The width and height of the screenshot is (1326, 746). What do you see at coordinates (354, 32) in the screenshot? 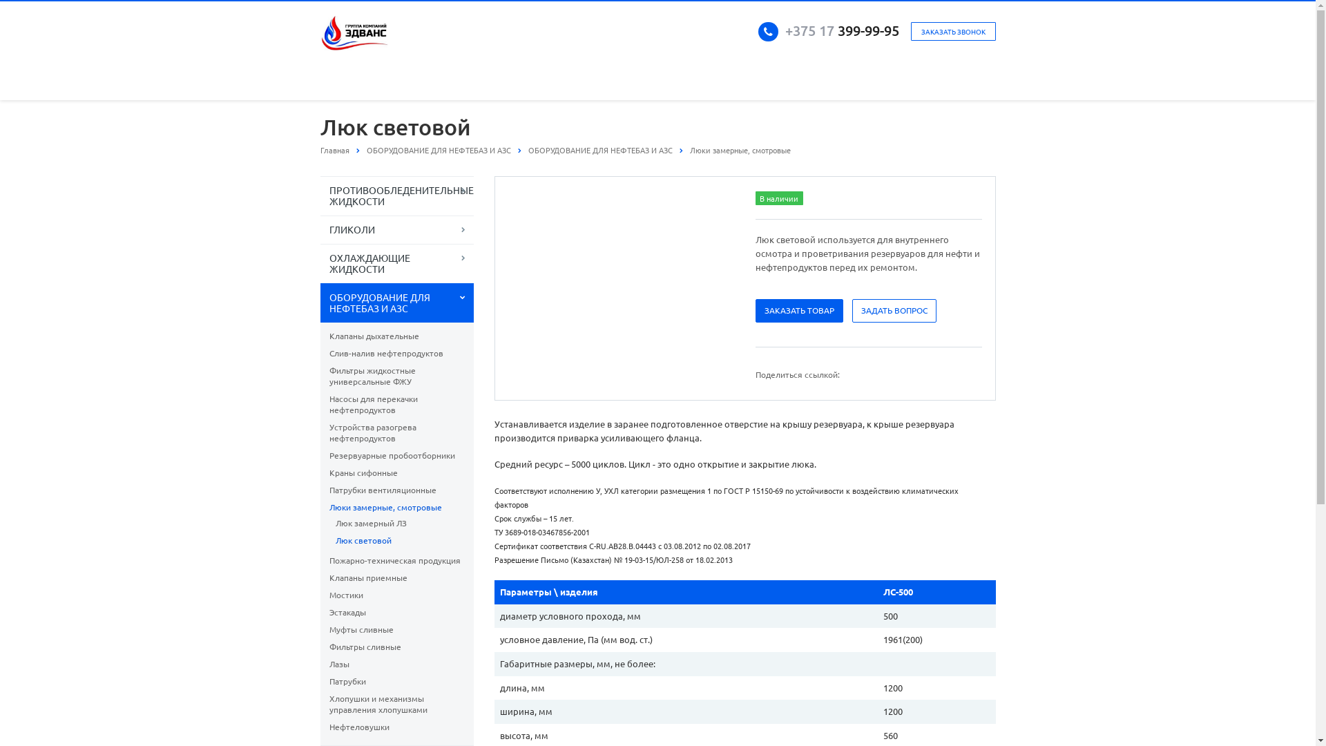
I see `'neftehim.by'` at bounding box center [354, 32].